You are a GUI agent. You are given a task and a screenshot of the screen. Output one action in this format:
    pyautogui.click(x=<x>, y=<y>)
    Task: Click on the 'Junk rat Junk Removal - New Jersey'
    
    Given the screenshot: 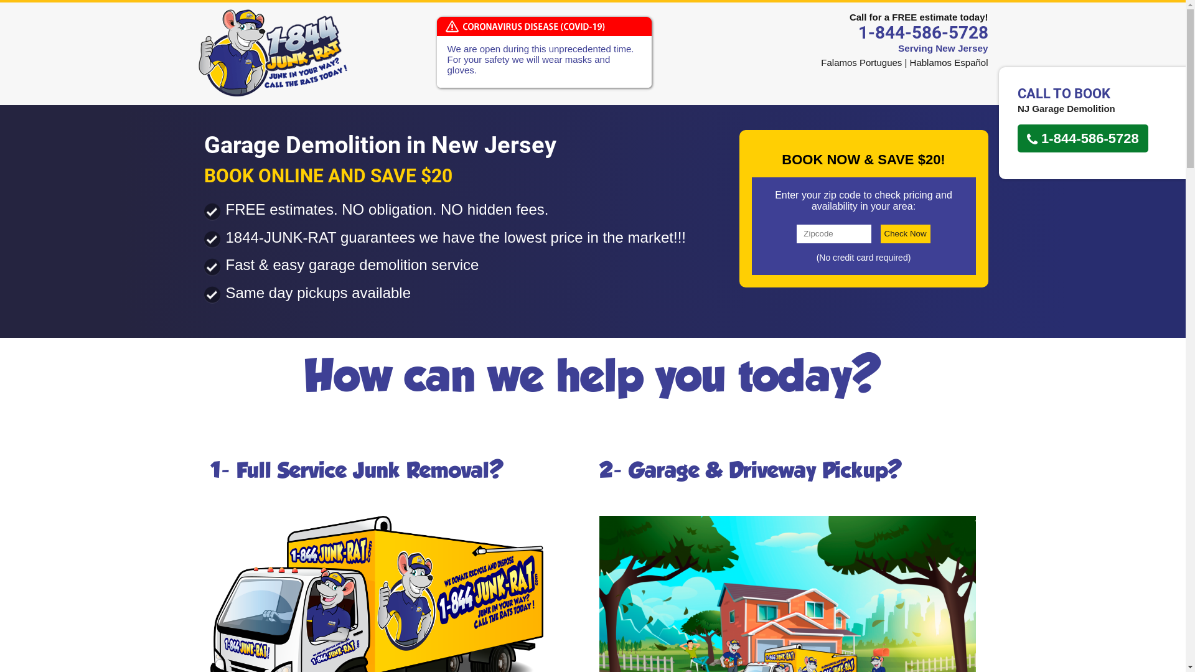 What is the action you would take?
    pyautogui.click(x=271, y=52)
    